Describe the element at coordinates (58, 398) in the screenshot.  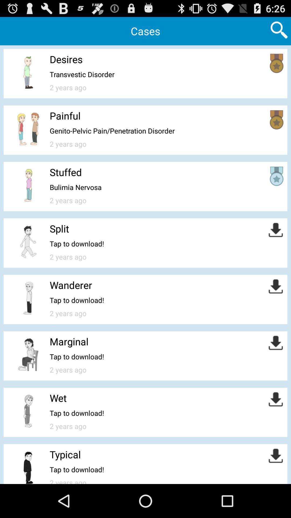
I see `the wet item` at that location.